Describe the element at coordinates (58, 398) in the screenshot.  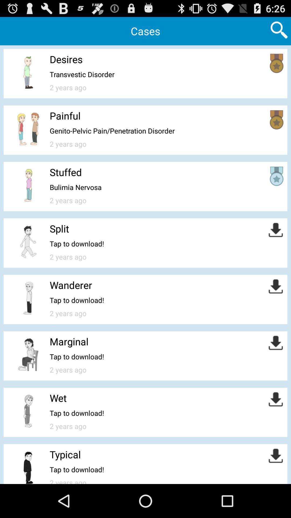
I see `the wet item` at that location.